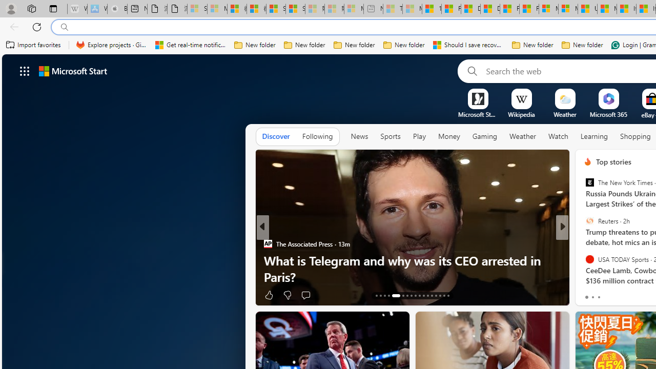 The height and width of the screenshot is (369, 656). What do you see at coordinates (558, 136) in the screenshot?
I see `'Watch'` at bounding box center [558, 136].